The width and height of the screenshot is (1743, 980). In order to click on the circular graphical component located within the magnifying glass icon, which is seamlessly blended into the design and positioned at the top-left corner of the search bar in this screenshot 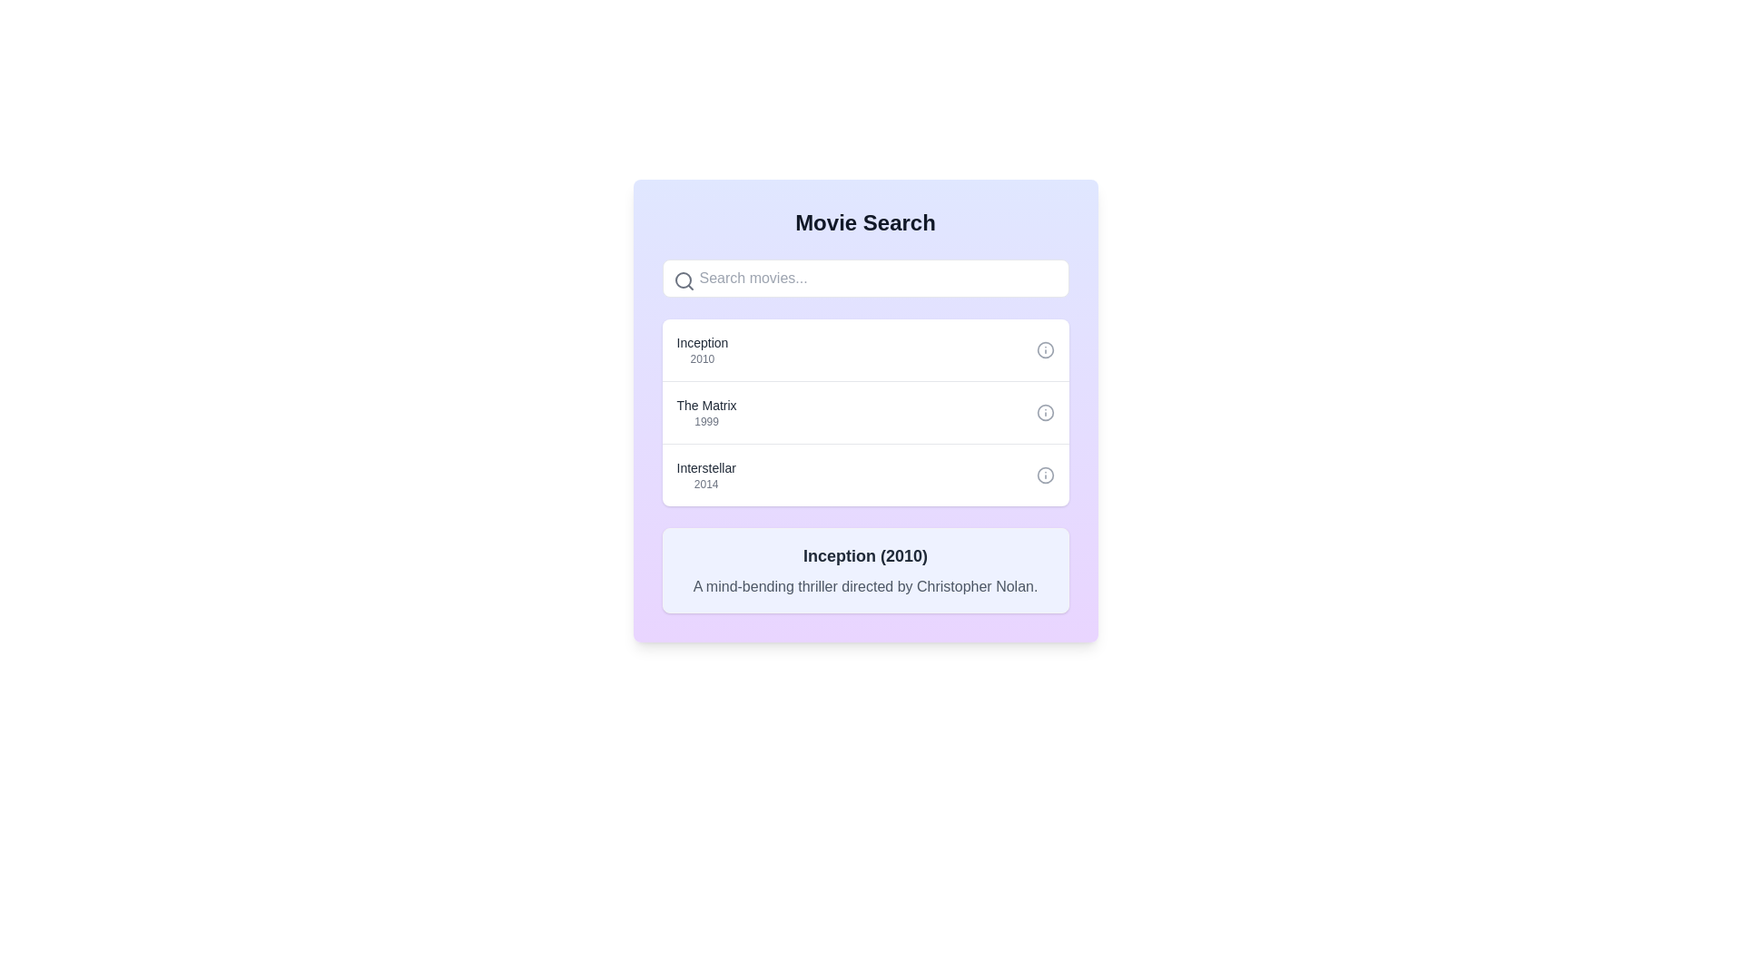, I will do `click(682, 279)`.